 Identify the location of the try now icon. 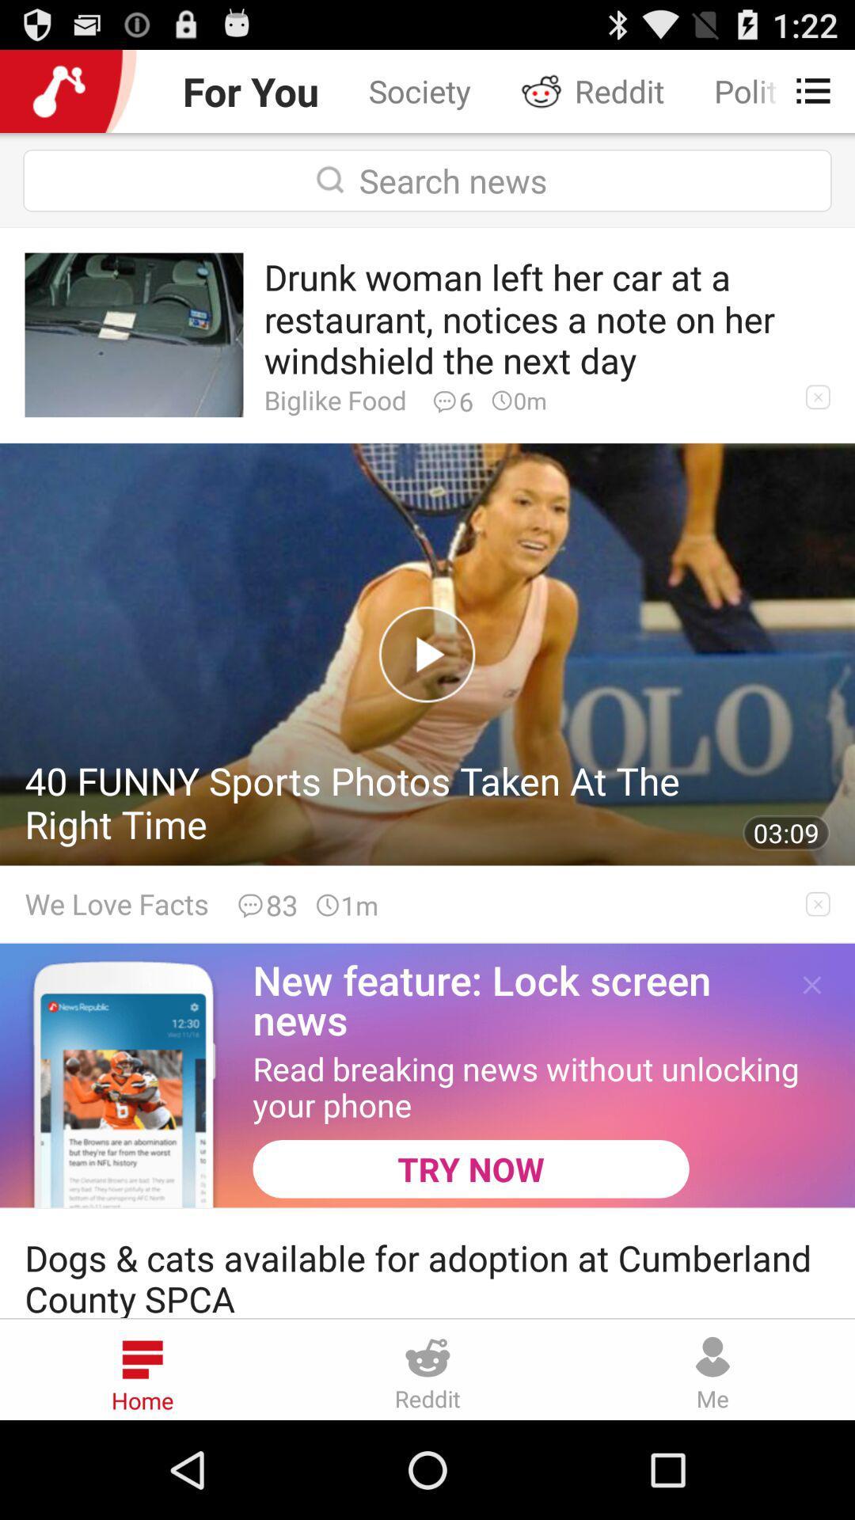
(470, 1168).